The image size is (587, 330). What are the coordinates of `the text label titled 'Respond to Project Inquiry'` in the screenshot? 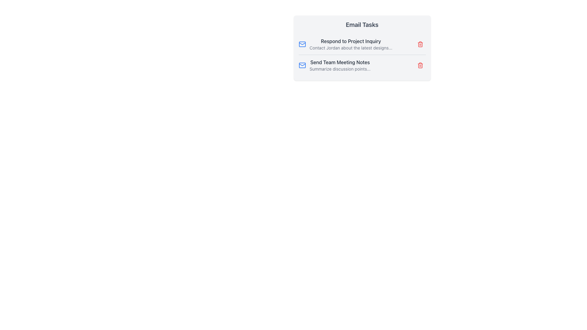 It's located at (351, 44).